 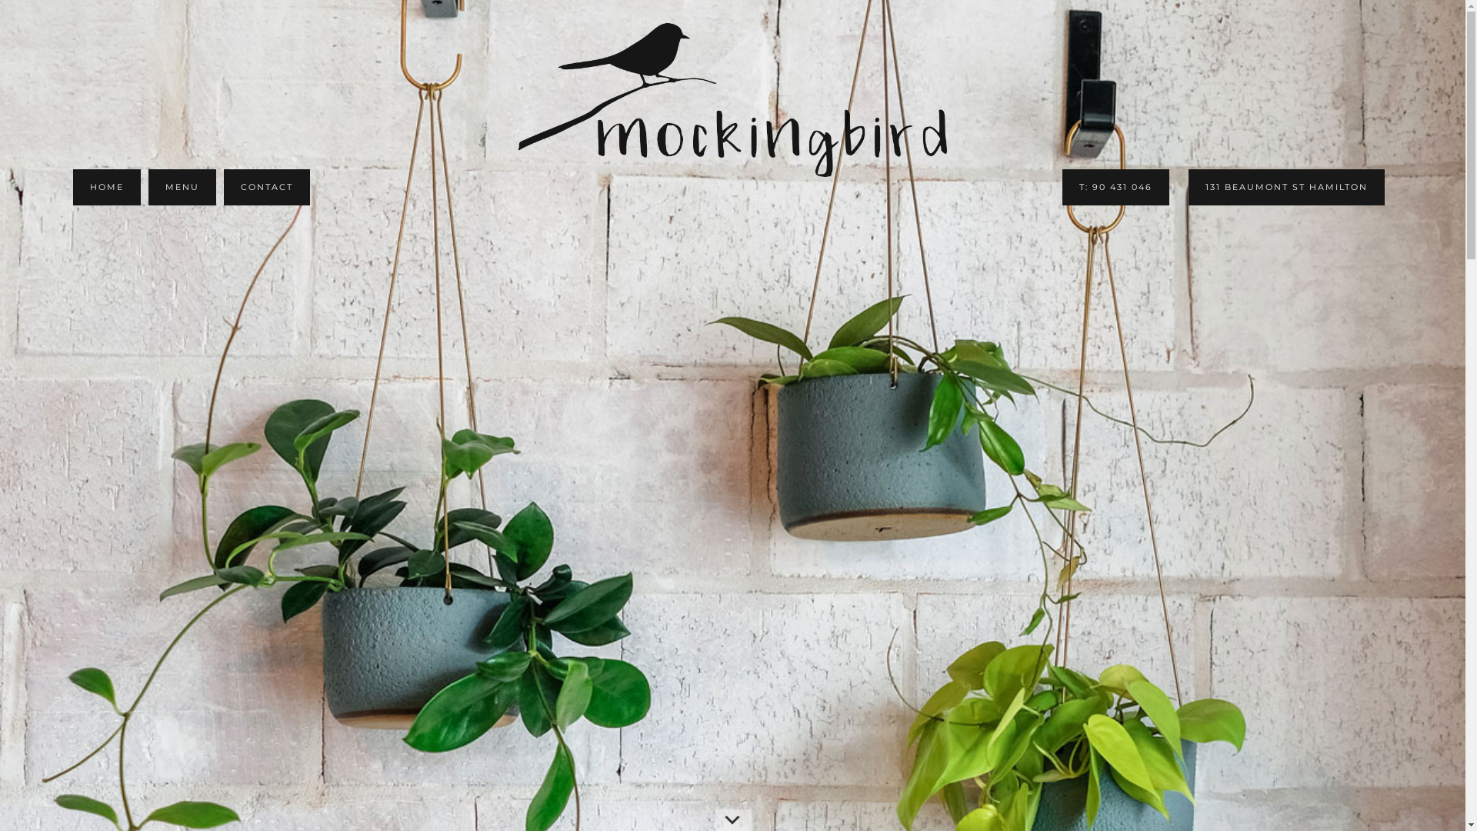 I want to click on 'MOCKINGBIRD CAFE NEWCASTLE', so click(x=732, y=100).